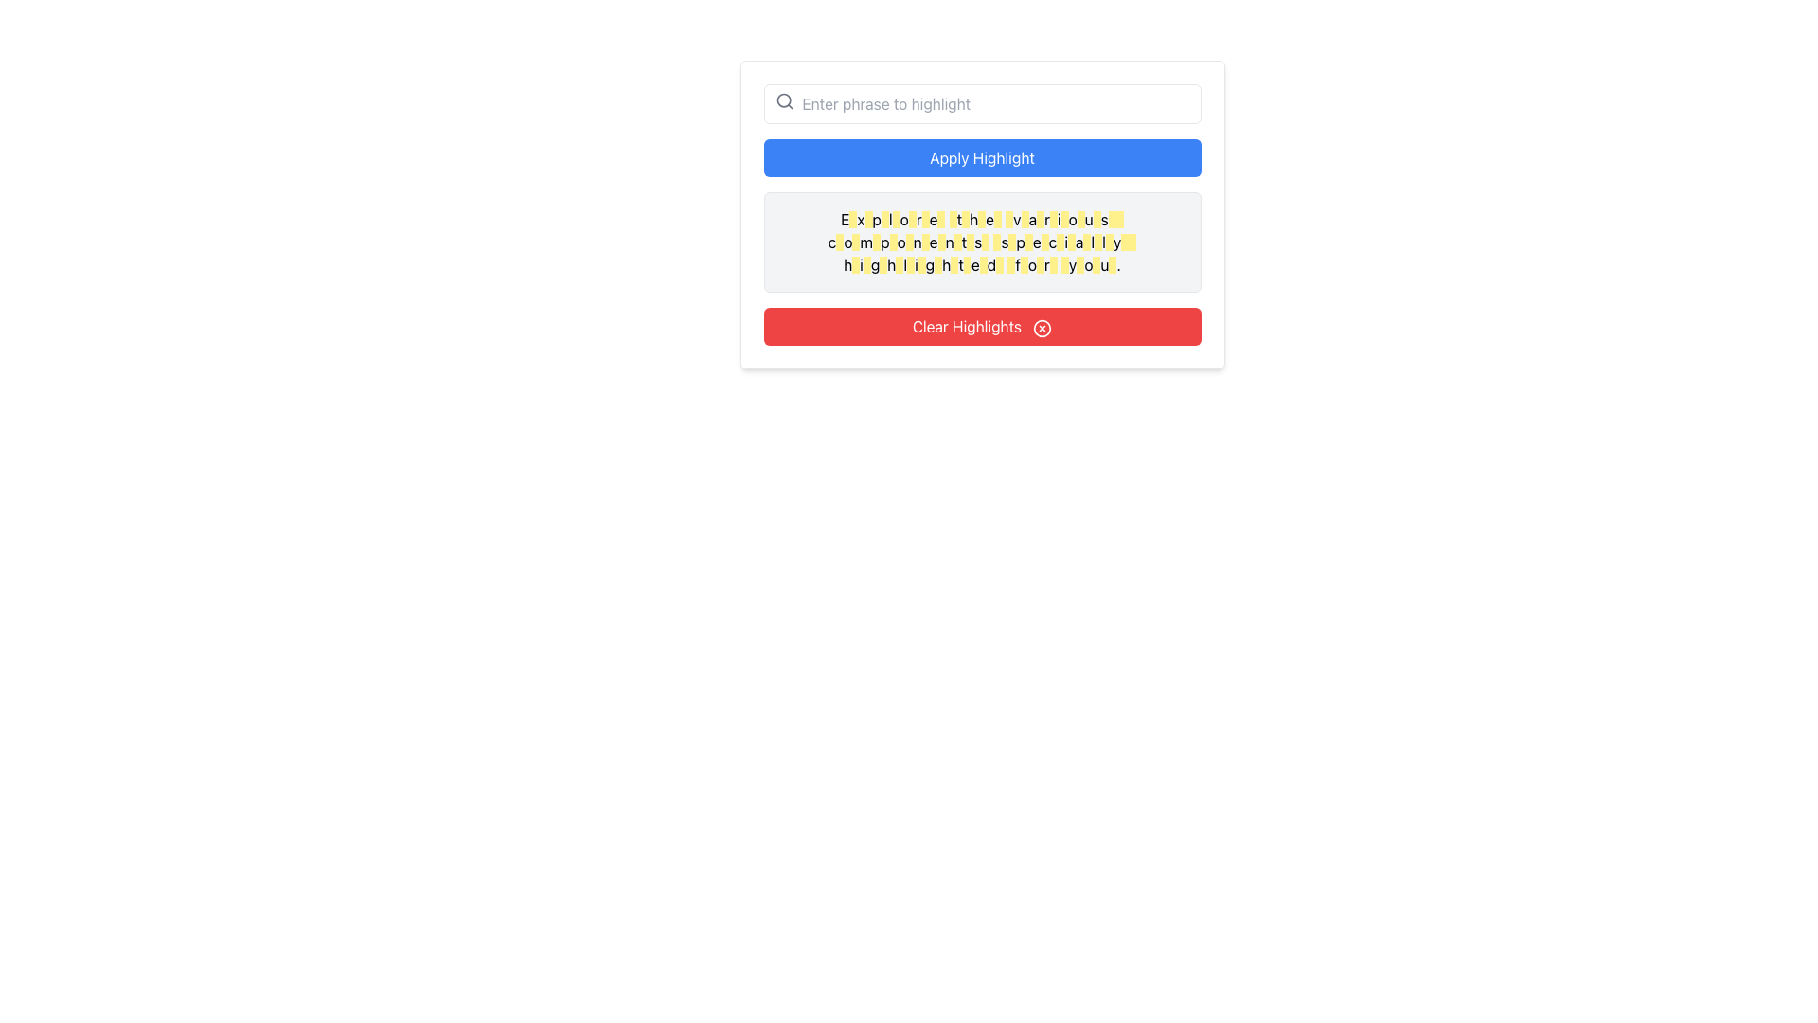  Describe the element at coordinates (1125, 241) in the screenshot. I see `the 44th non-interactive decorative yellow fragment in the highlighted sentence` at that location.